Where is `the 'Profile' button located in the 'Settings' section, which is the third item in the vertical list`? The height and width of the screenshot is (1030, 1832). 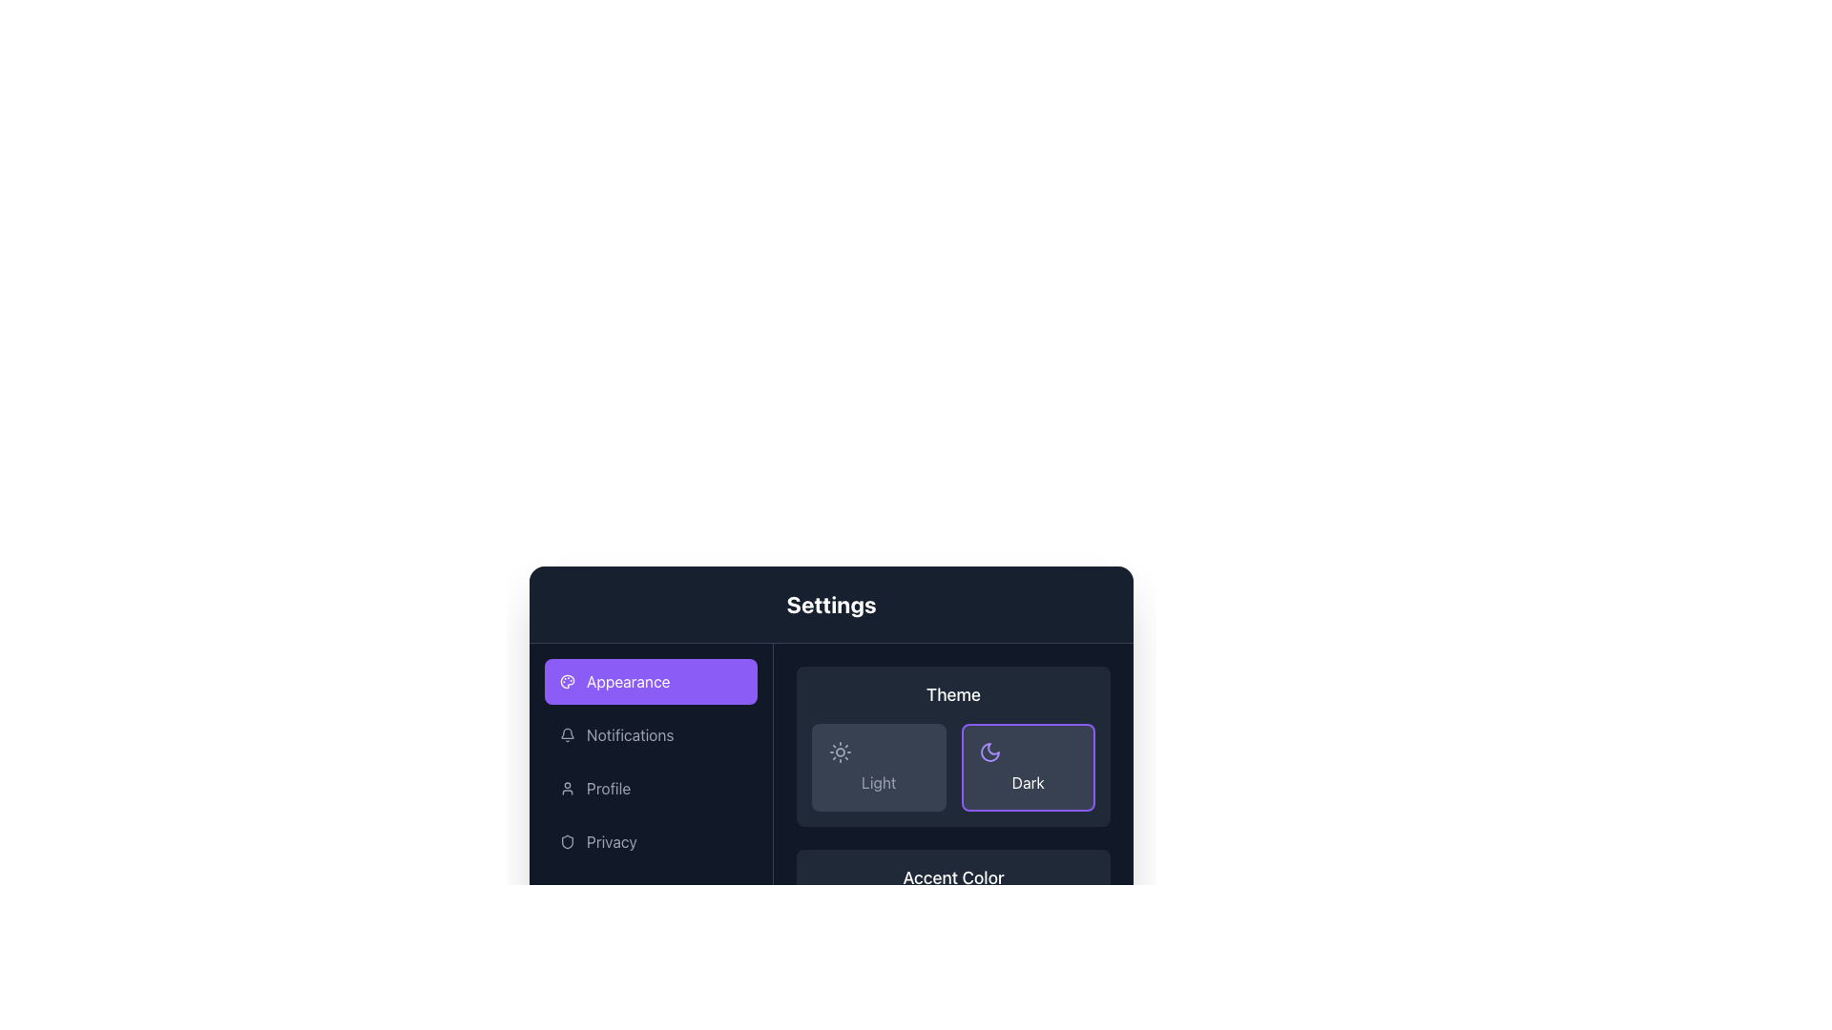 the 'Profile' button located in the 'Settings' section, which is the third item in the vertical list is located at coordinates (651, 788).